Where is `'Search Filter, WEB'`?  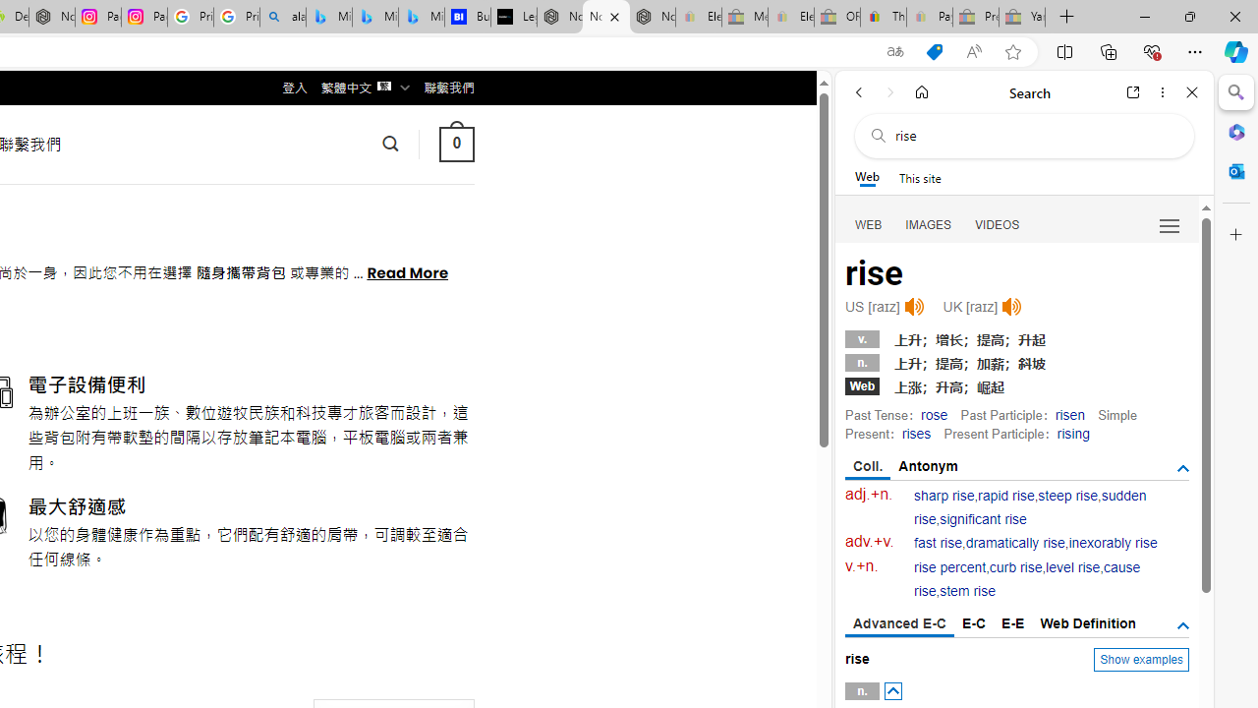
'Search Filter, WEB' is located at coordinates (868, 223).